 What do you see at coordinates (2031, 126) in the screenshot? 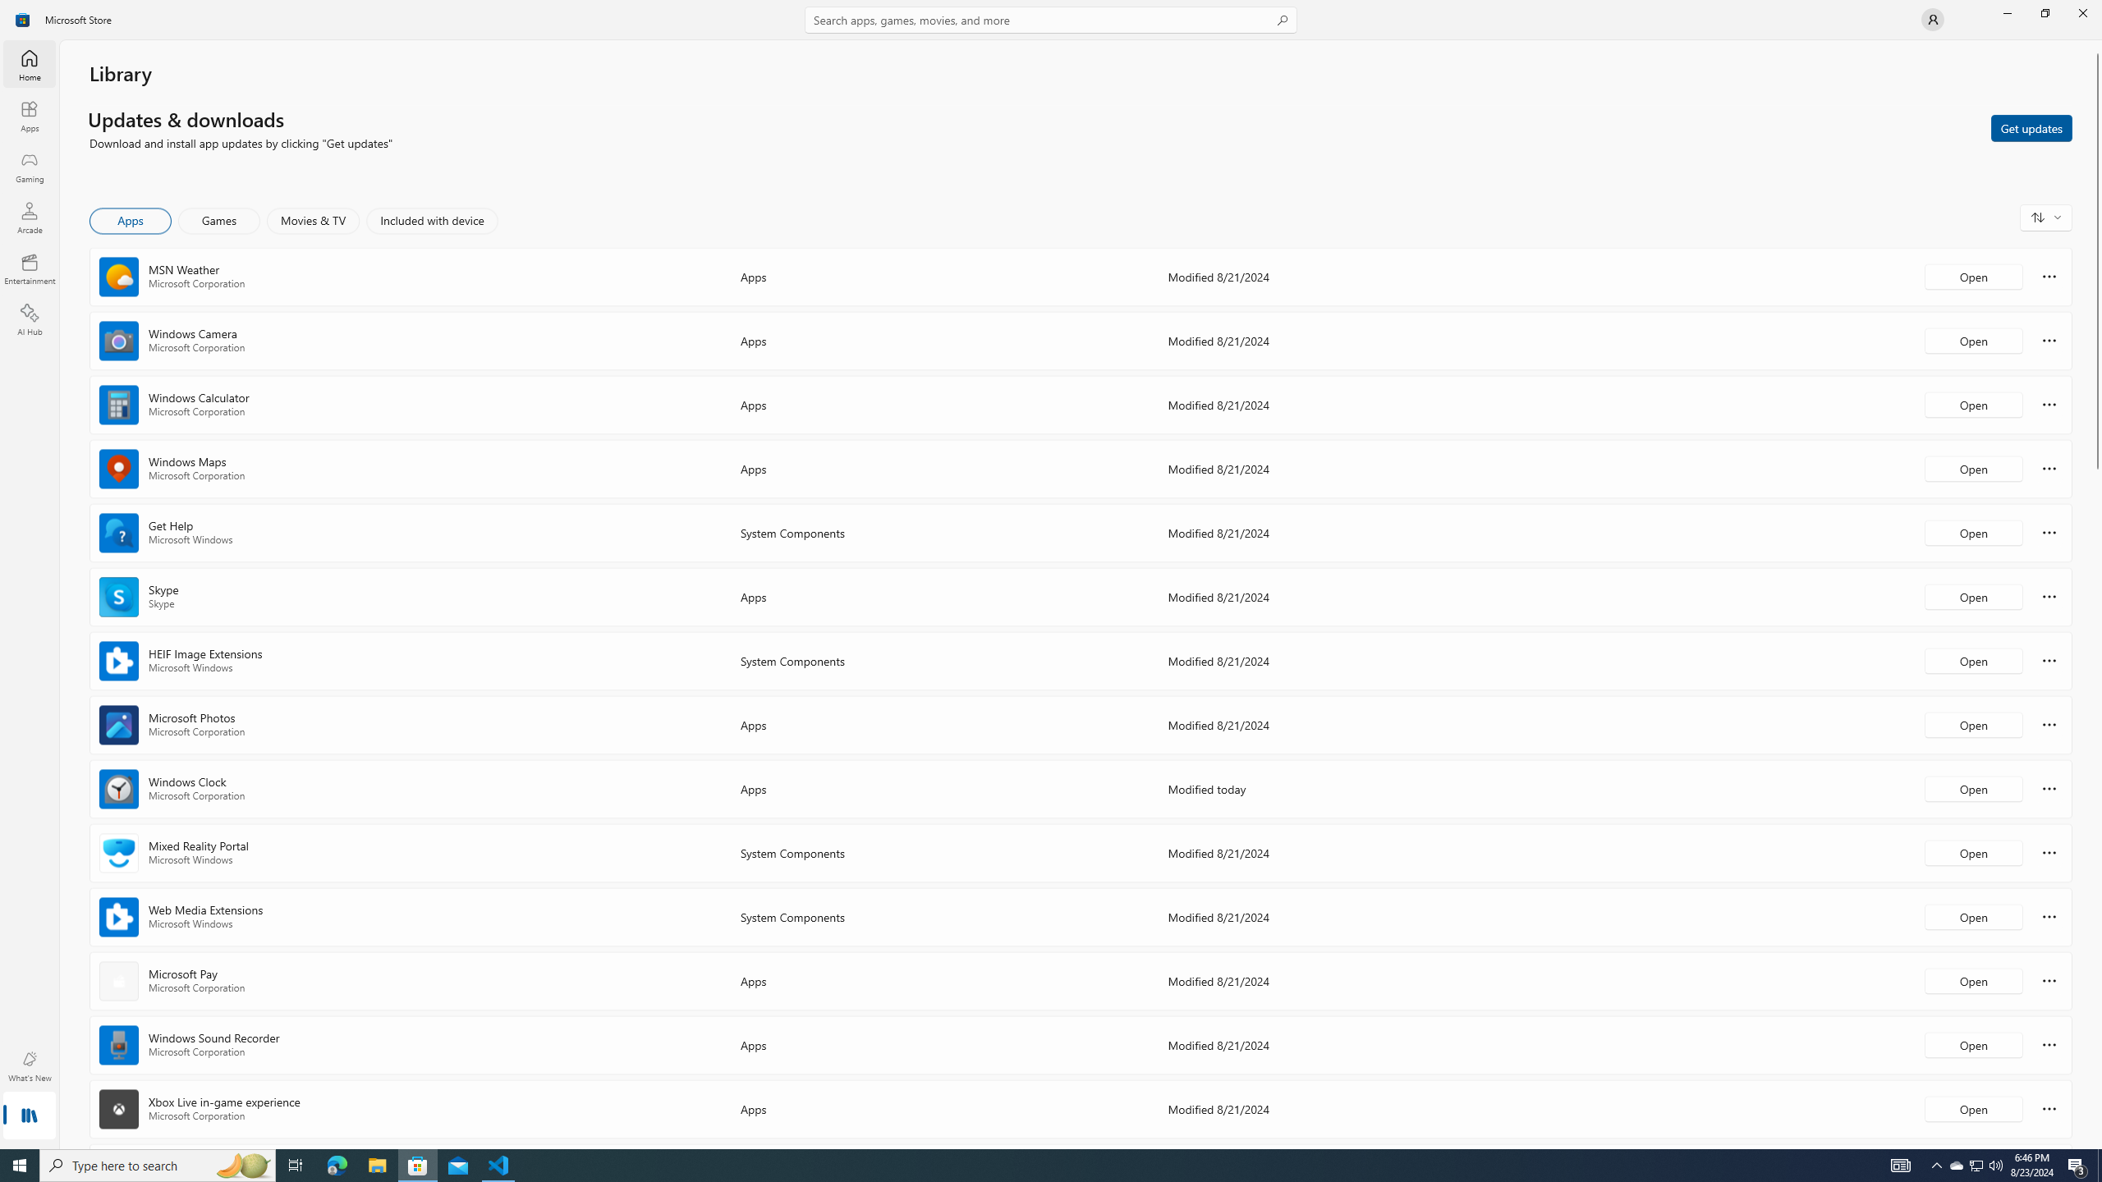
I see `'Get updates'` at bounding box center [2031, 126].